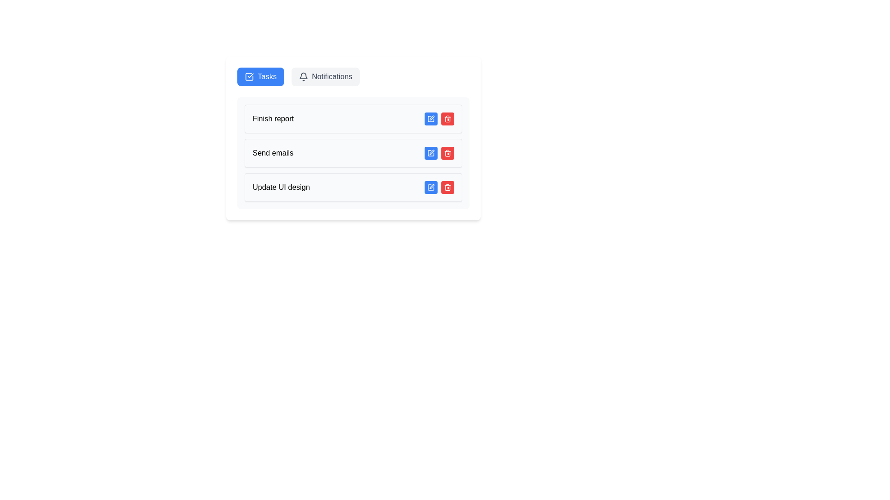  Describe the element at coordinates (431, 119) in the screenshot. I see `the editing icon located at the top-right corner of the first task in the vertical list` at that location.